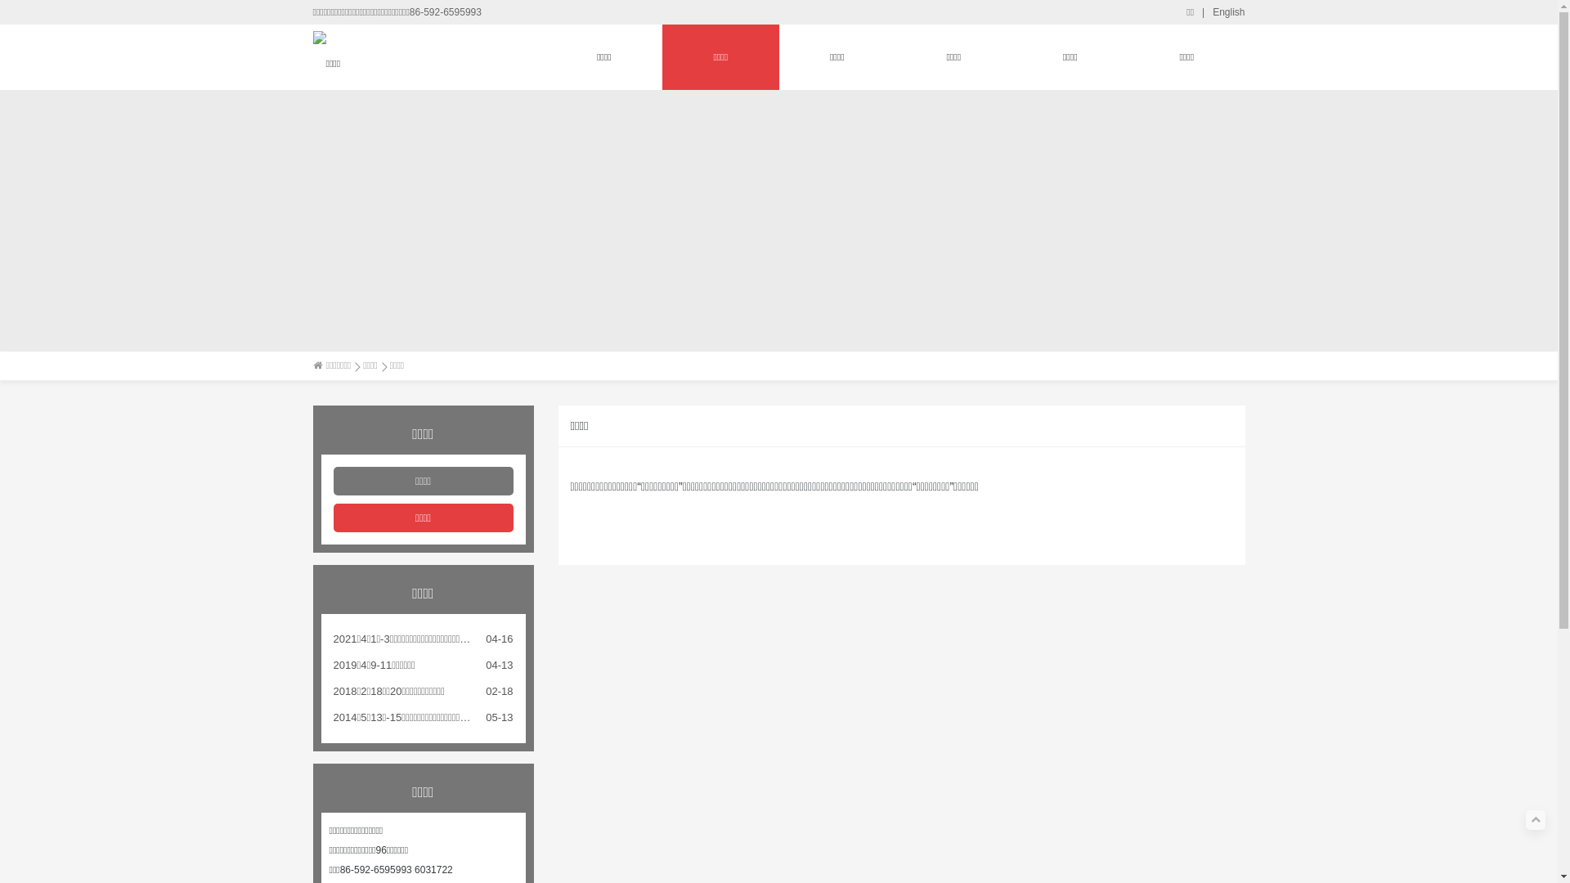 The height and width of the screenshot is (883, 1570). What do you see at coordinates (1228, 12) in the screenshot?
I see `'English'` at bounding box center [1228, 12].